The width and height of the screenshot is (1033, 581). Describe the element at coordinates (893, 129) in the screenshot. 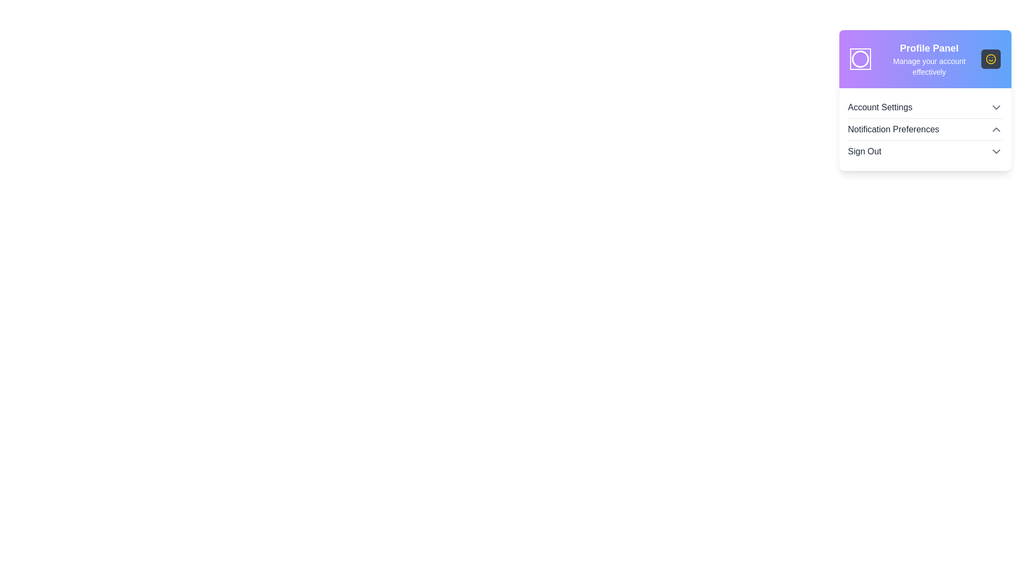

I see `to select the 'Notification Preferences' text label, which is the second item in the dropdown menu located below 'Account Settings'` at that location.